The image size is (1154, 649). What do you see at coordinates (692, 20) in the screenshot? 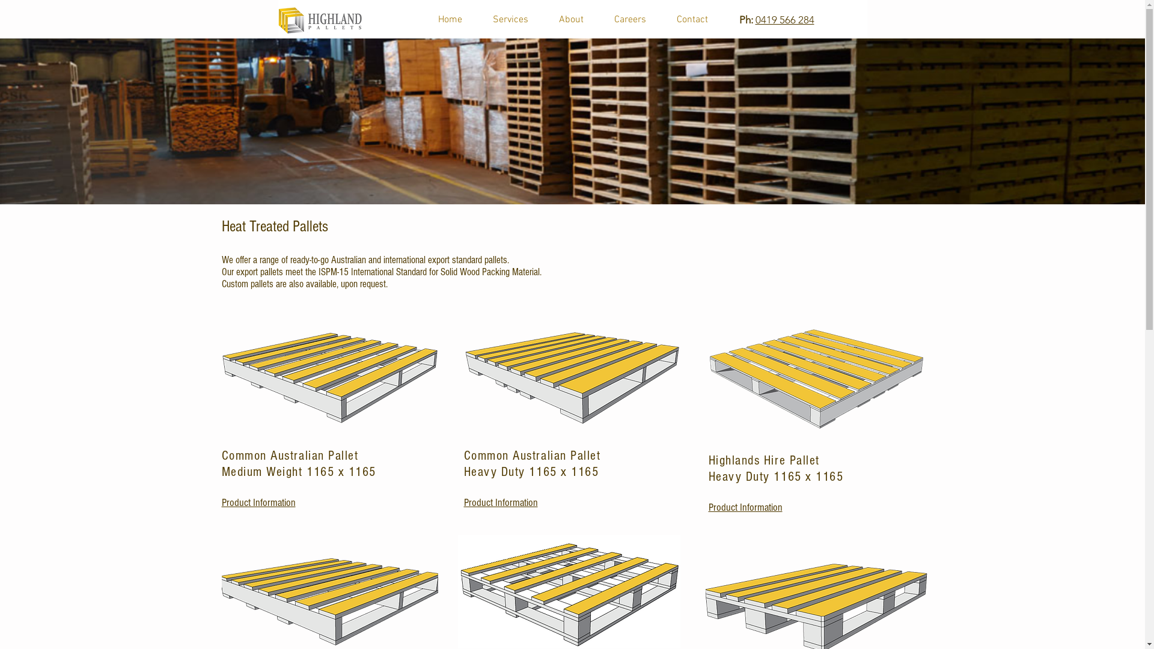
I see `'Contact'` at bounding box center [692, 20].